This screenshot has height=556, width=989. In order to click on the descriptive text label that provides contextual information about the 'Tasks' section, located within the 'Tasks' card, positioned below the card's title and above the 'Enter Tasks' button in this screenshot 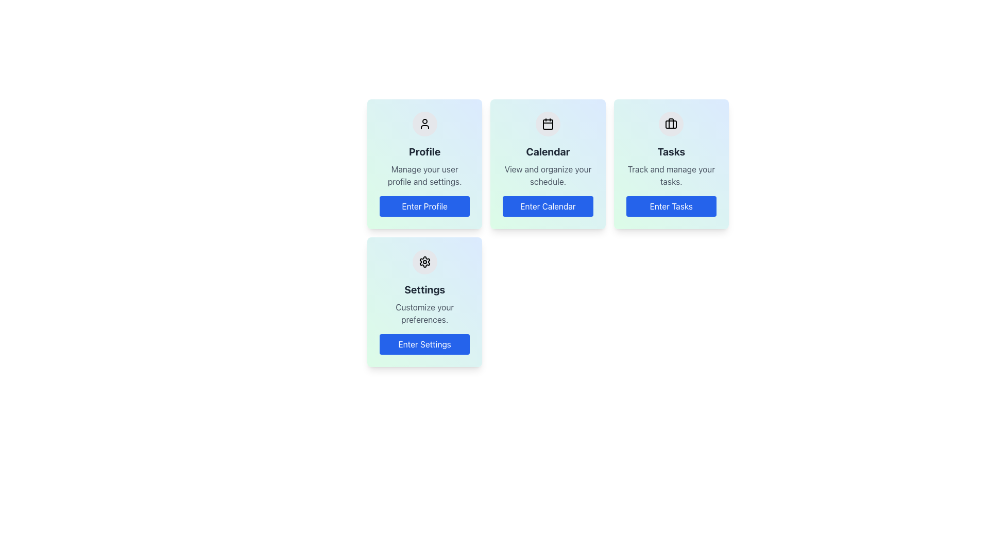, I will do `click(671, 175)`.